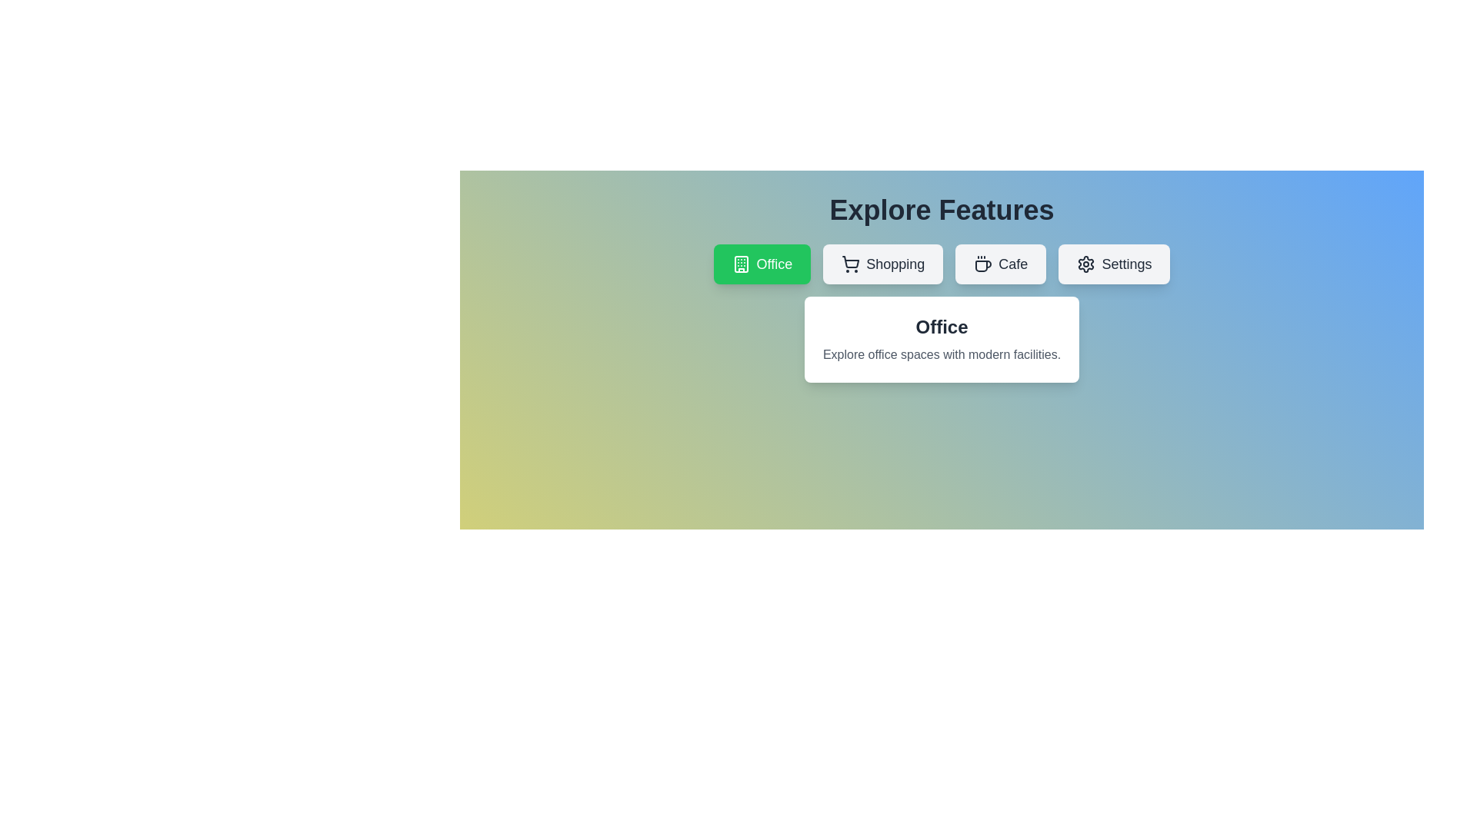 The height and width of the screenshot is (830, 1477). What do you see at coordinates (1114, 263) in the screenshot?
I see `the button labeled Settings to observe its hover effect` at bounding box center [1114, 263].